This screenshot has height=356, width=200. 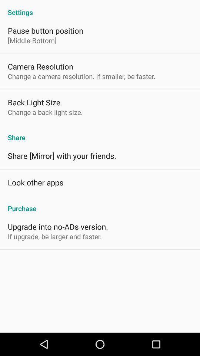 What do you see at coordinates (100, 8) in the screenshot?
I see `the settings app` at bounding box center [100, 8].